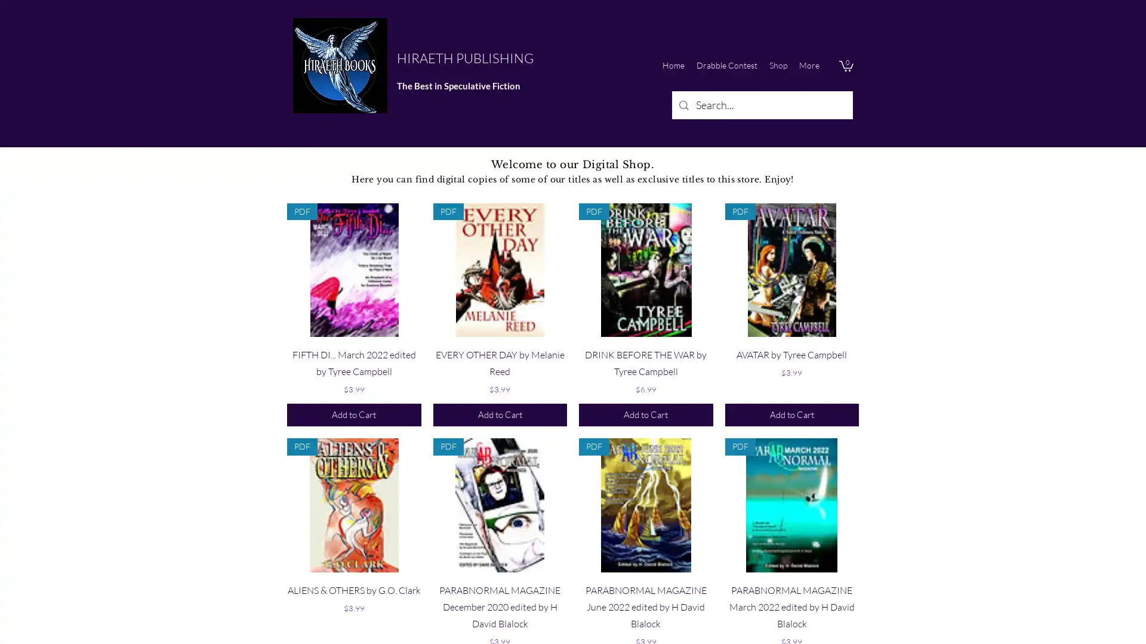 The image size is (1146, 644). Describe the element at coordinates (353, 351) in the screenshot. I see `Quick View` at that location.